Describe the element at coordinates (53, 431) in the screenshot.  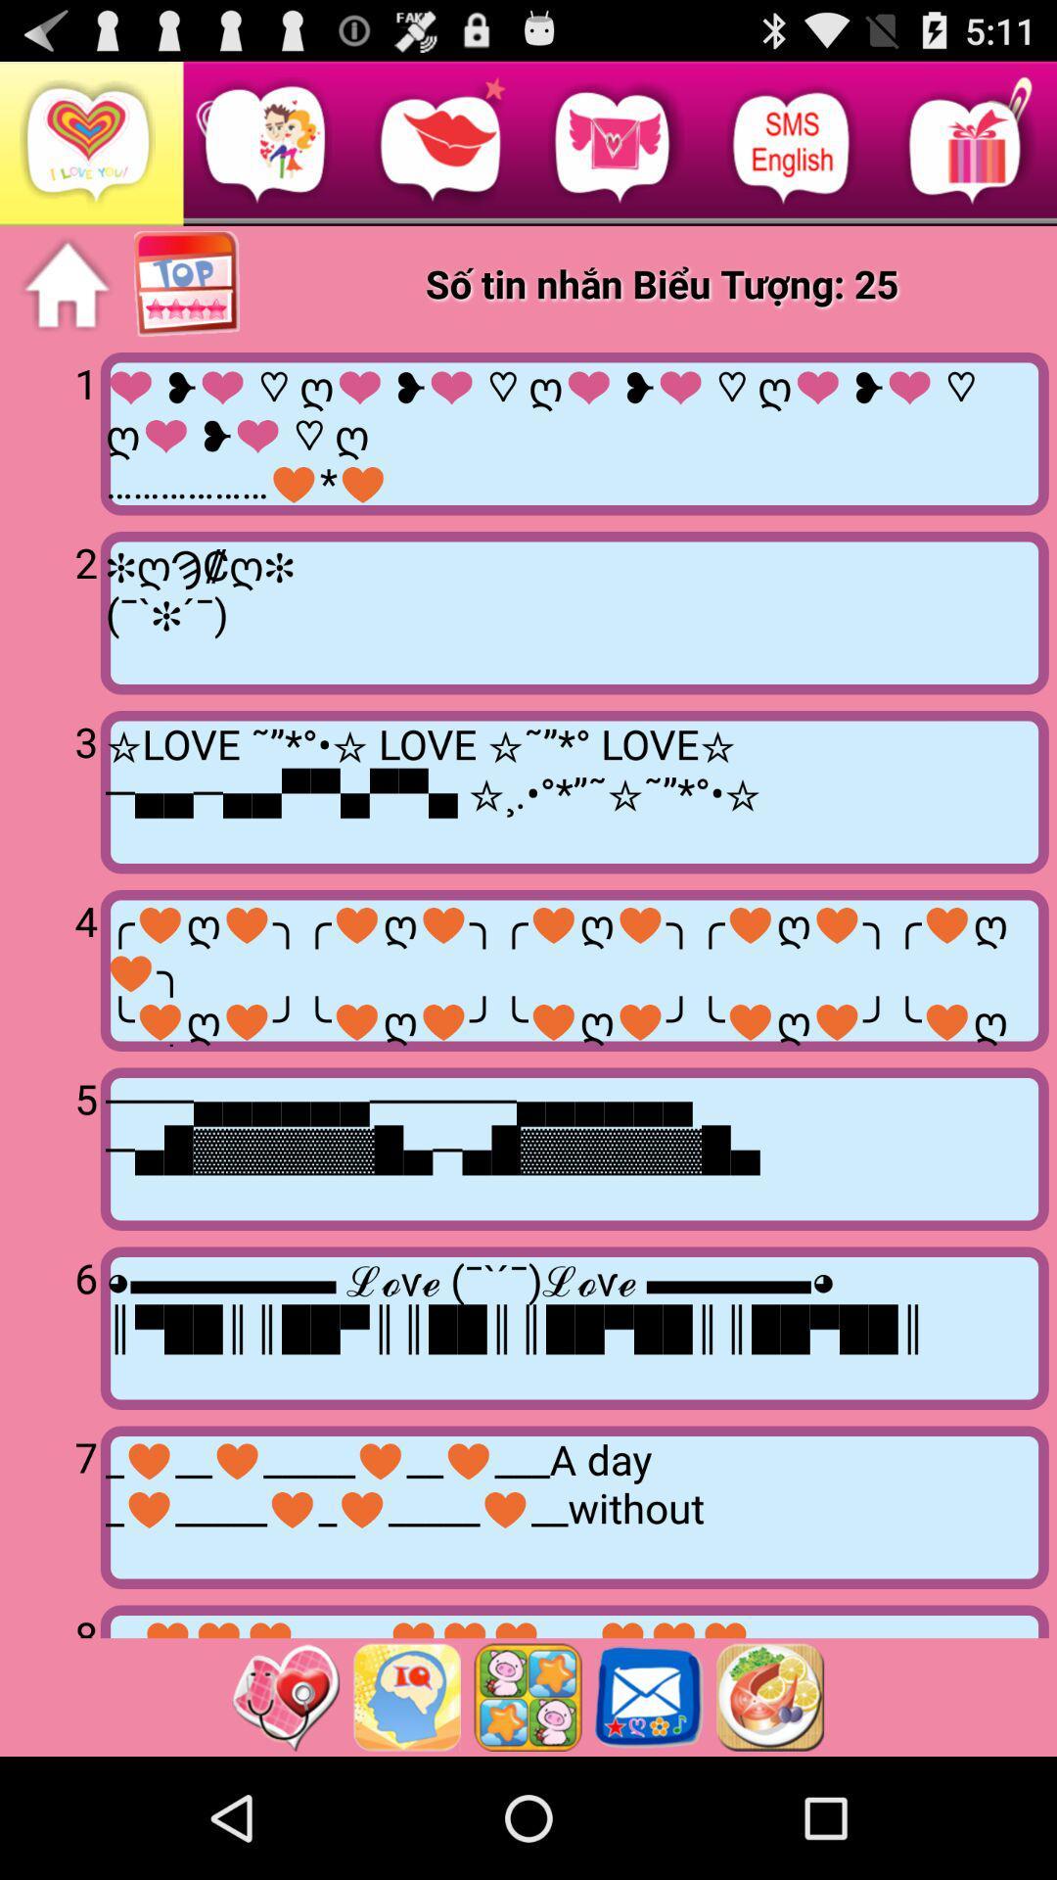
I see `the item above the 2 icon` at that location.